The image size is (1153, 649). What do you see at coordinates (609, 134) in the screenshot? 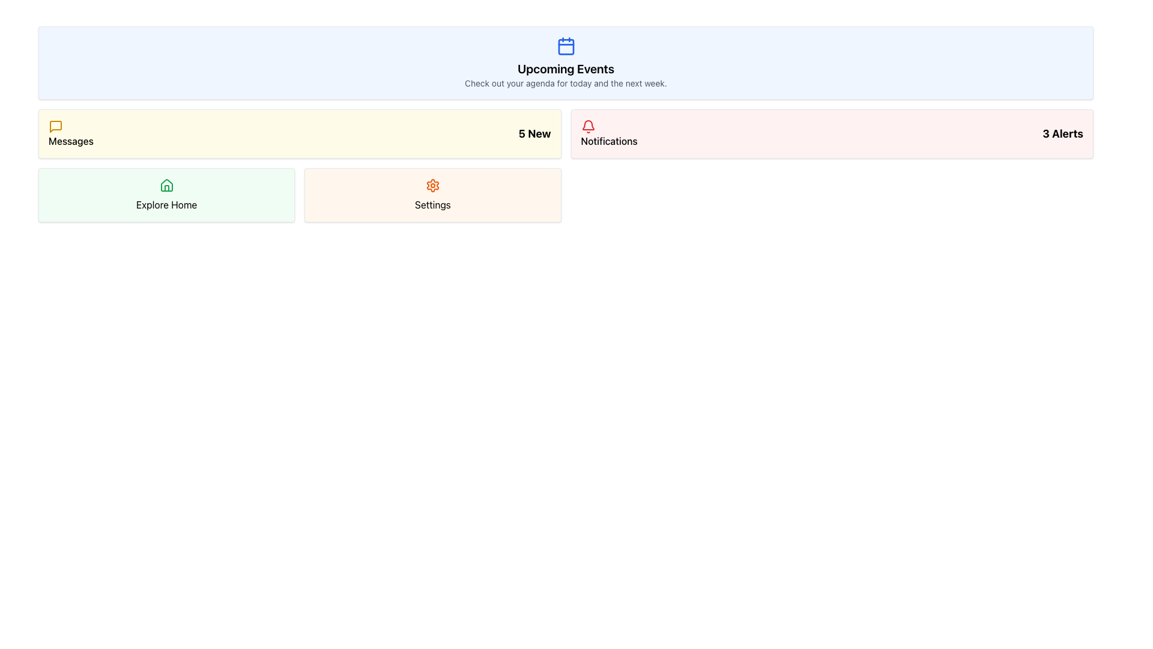
I see `the notifications label with icon located in the top right section of the interface, which indicates notification-related content` at bounding box center [609, 134].